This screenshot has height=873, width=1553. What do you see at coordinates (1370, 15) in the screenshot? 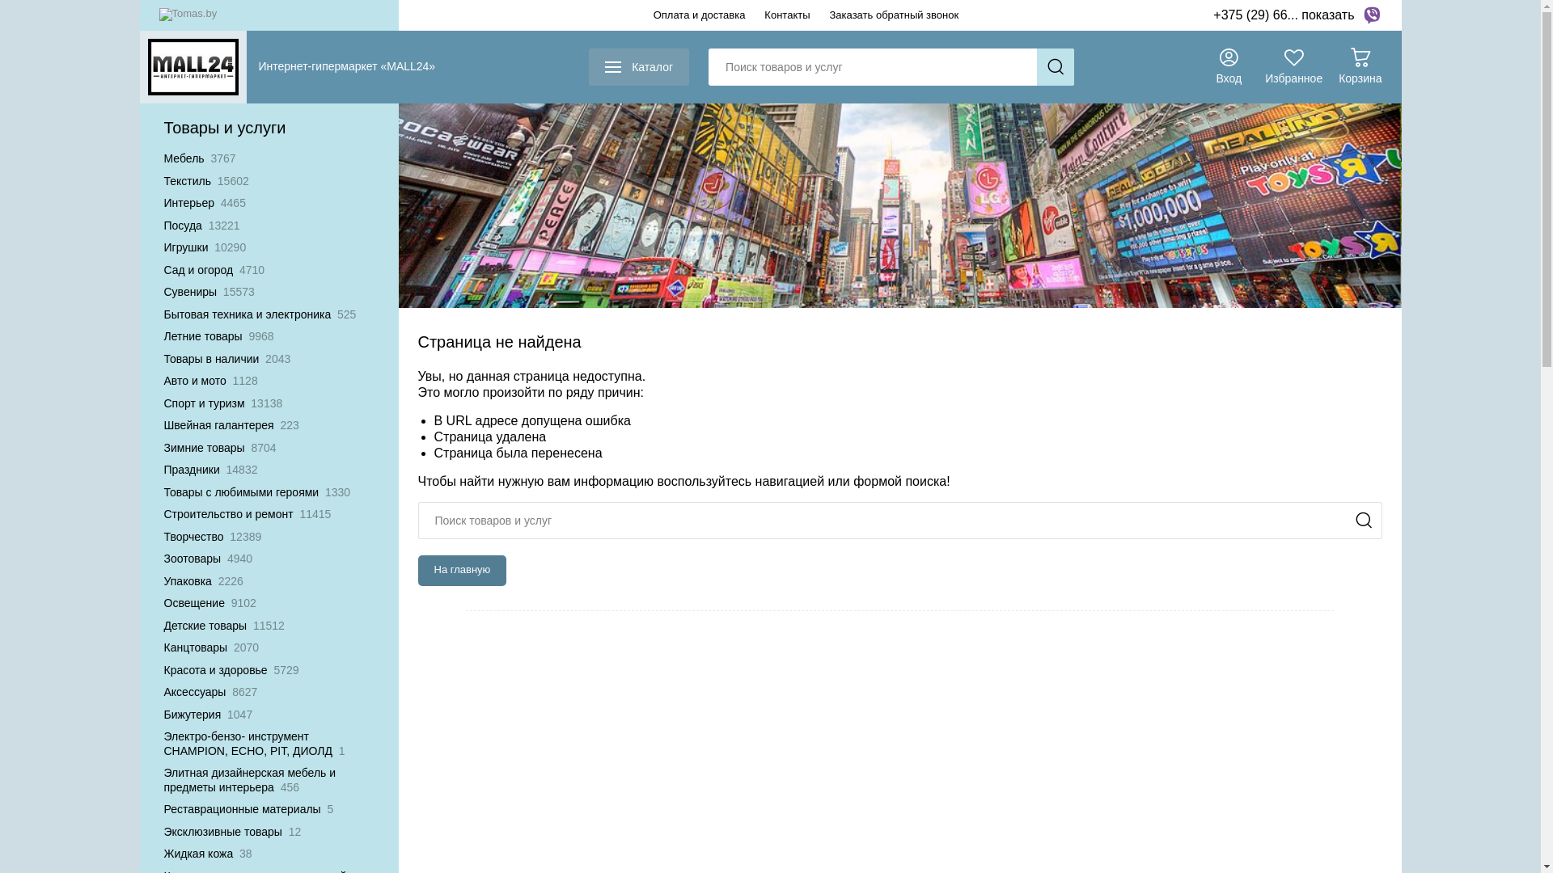
I see `'Viber'` at bounding box center [1370, 15].